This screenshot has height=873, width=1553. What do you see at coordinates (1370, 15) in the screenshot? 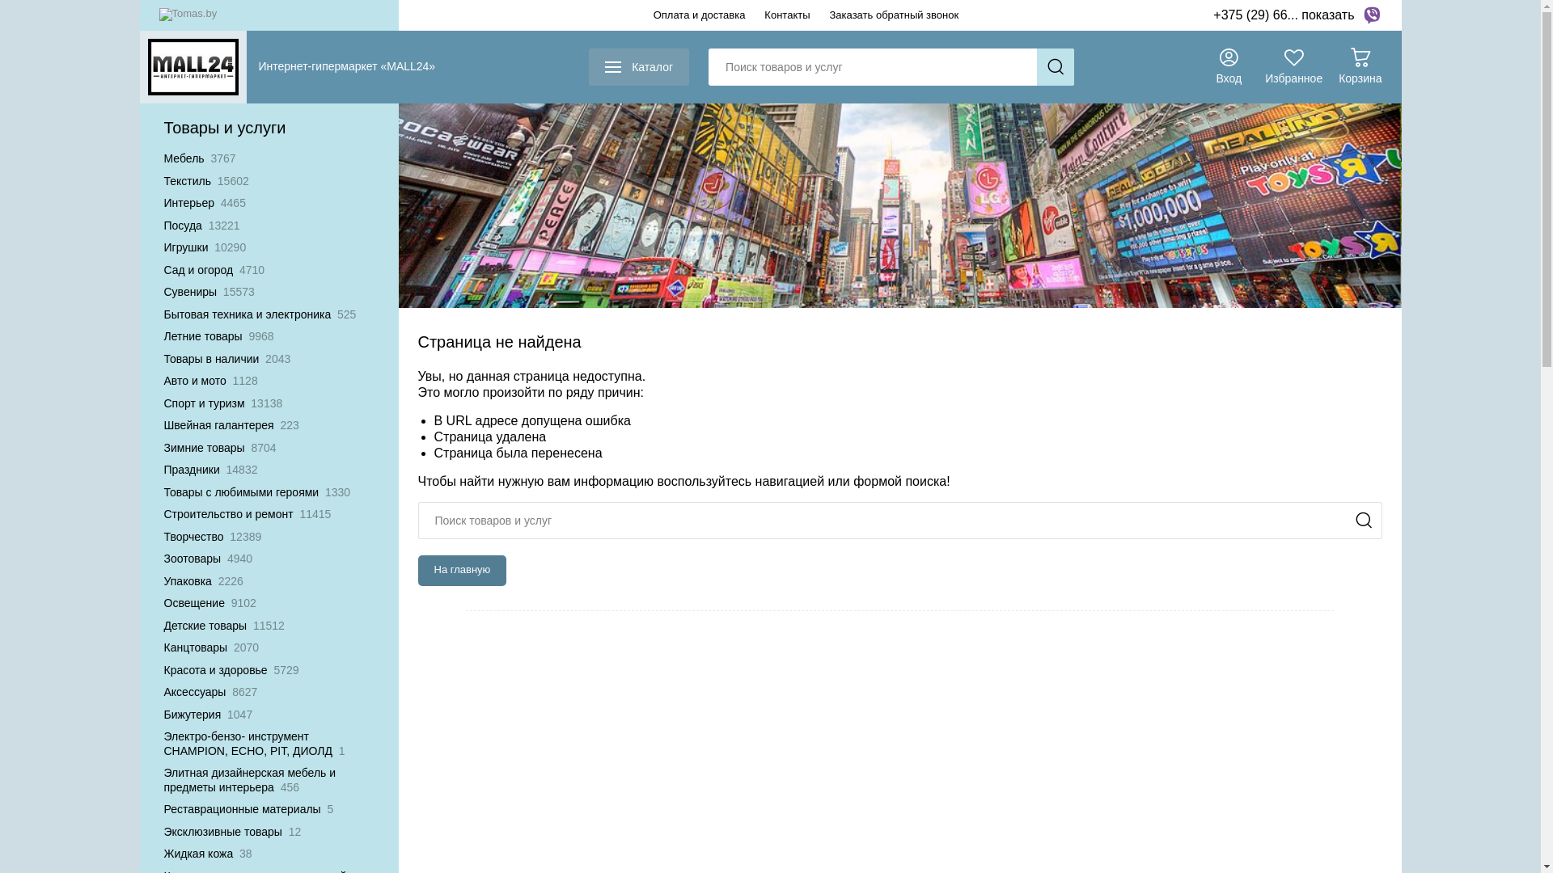
I see `'Viber'` at bounding box center [1370, 15].